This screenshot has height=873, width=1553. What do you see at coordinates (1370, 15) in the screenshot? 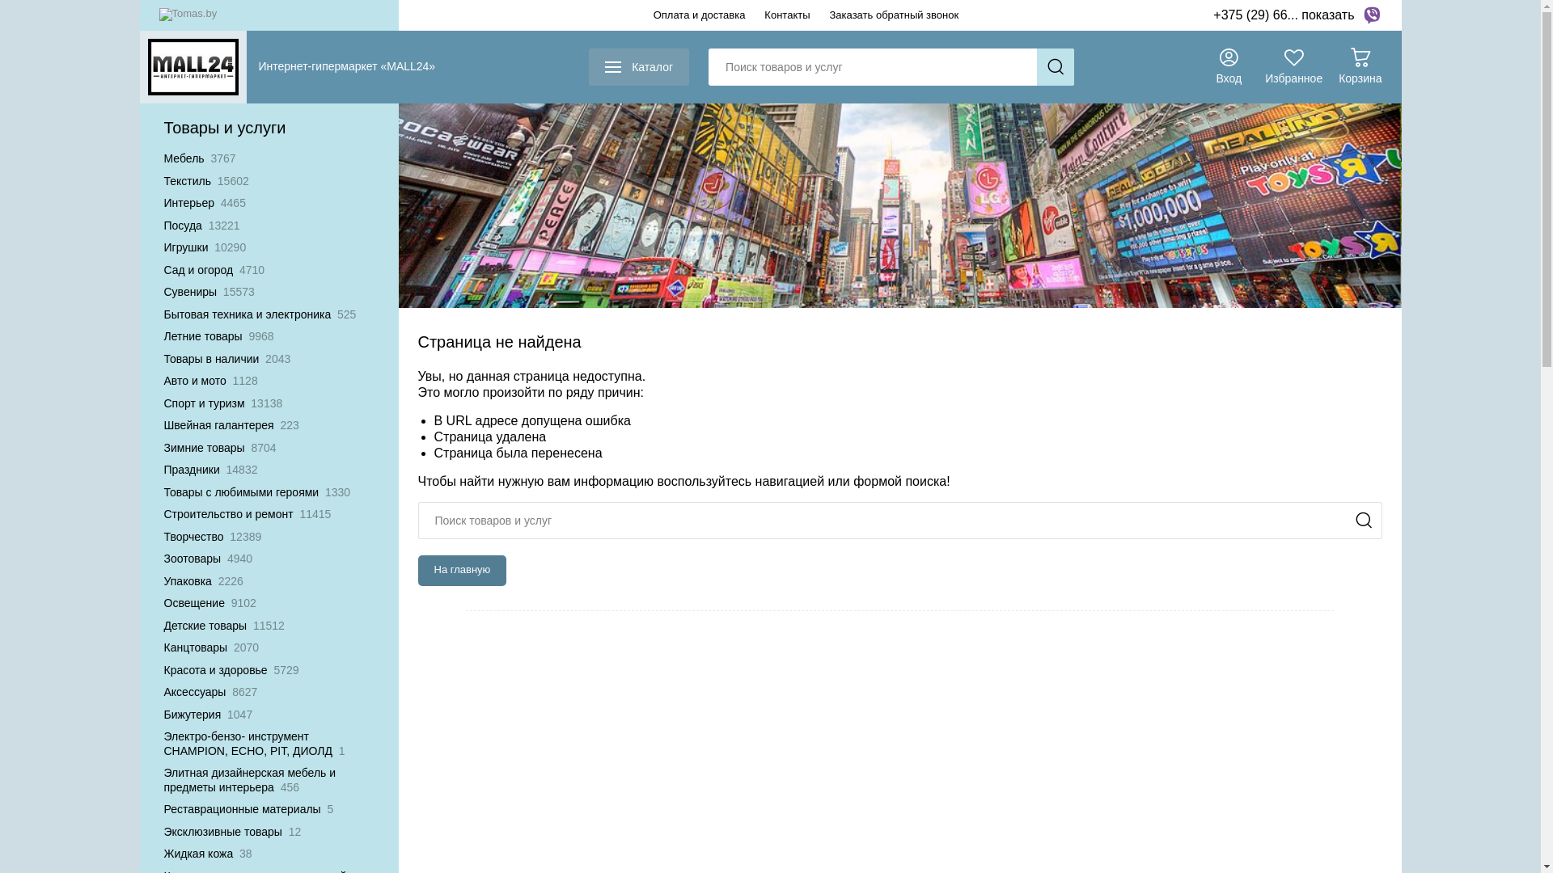
I see `'Viber'` at bounding box center [1370, 15].